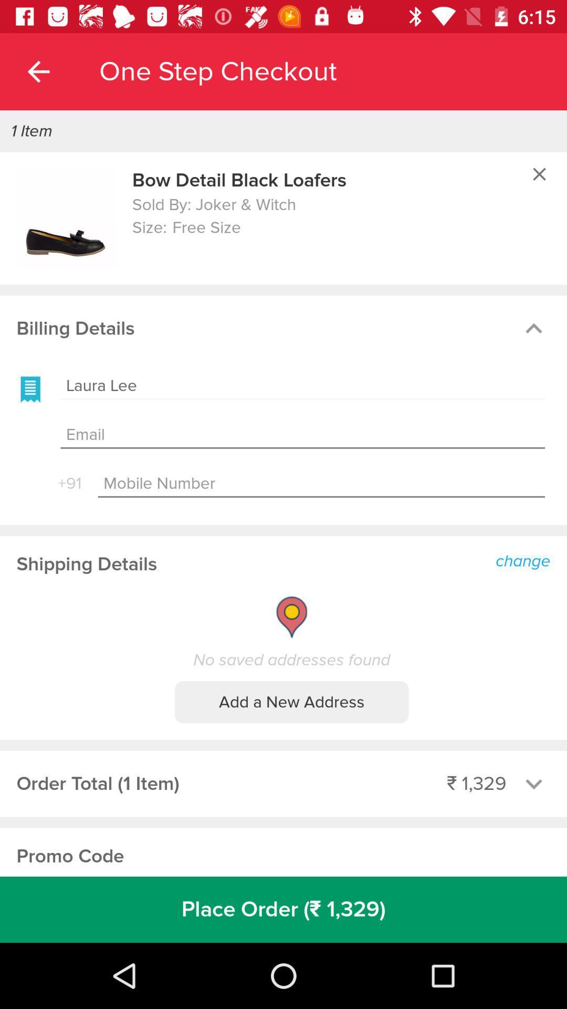 This screenshot has height=1009, width=567. What do you see at coordinates (66, 218) in the screenshot?
I see `image option` at bounding box center [66, 218].